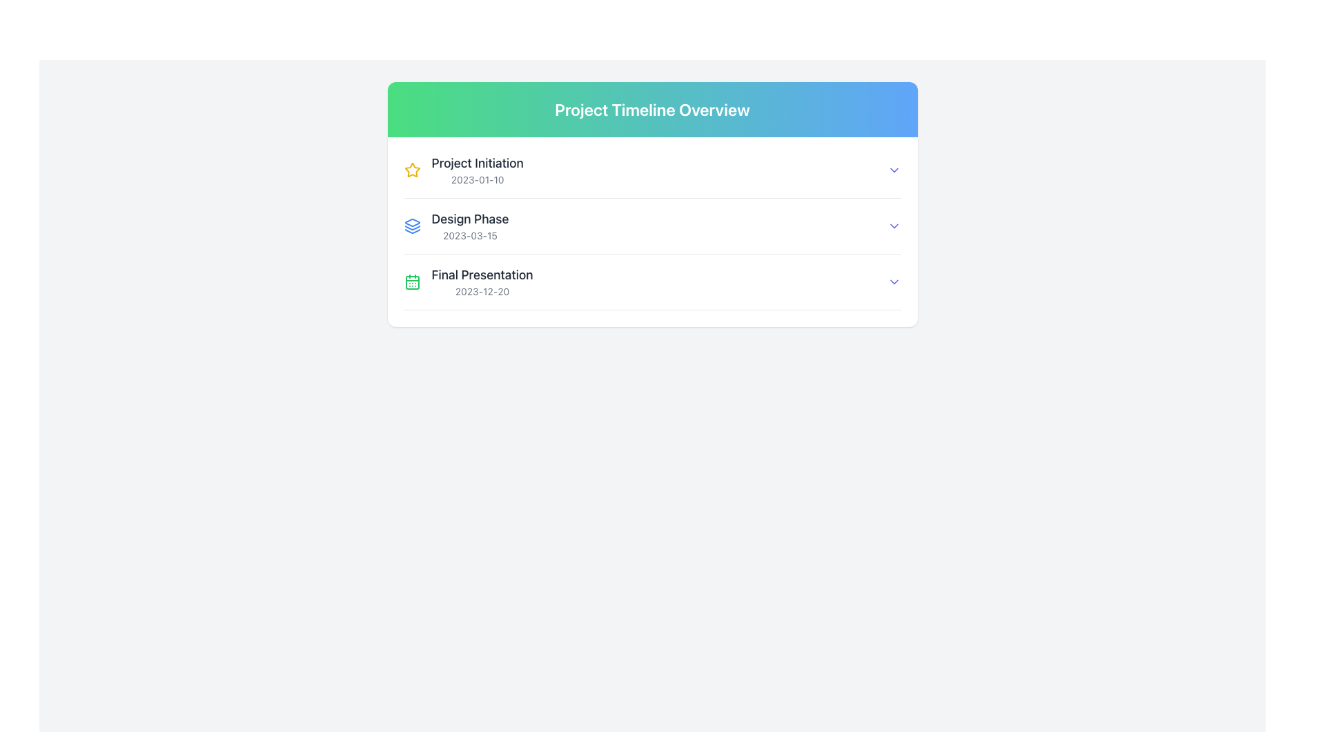 This screenshot has width=1325, height=745. I want to click on the Dropdown toggle button, which is located on the far-right side of the 'Project Initiation' section, to potentially display tooltips, so click(894, 169).